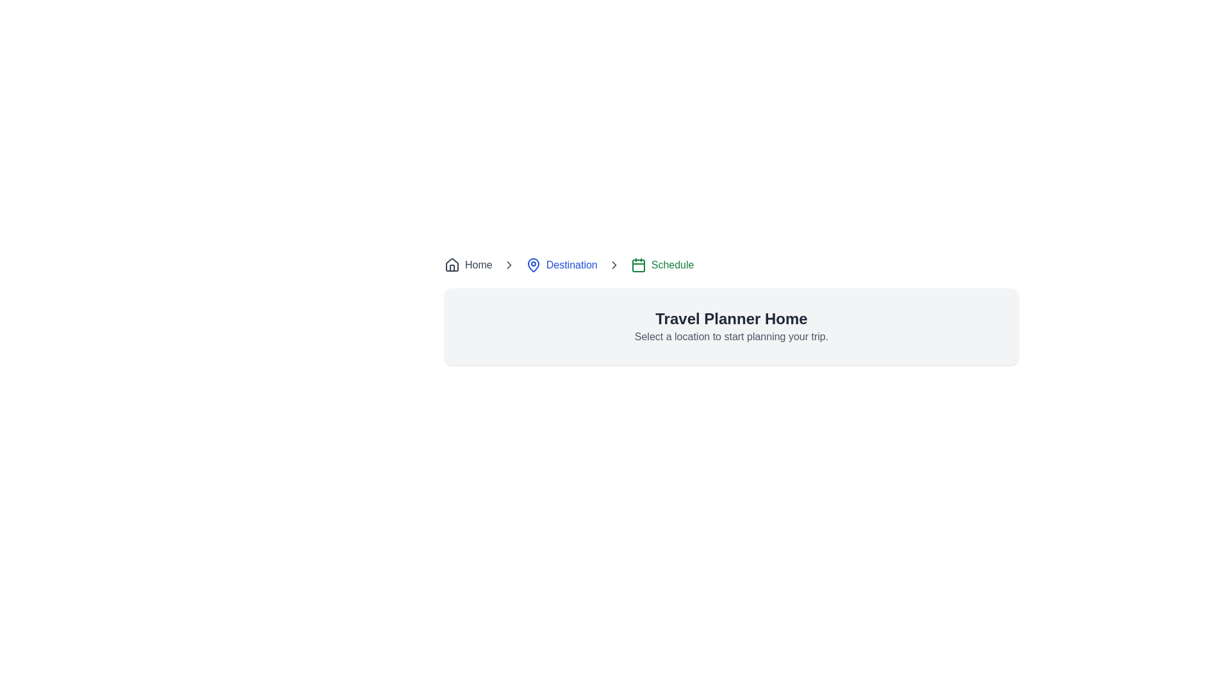 Image resolution: width=1230 pixels, height=692 pixels. Describe the element at coordinates (732, 336) in the screenshot. I see `the informational text guiding the user to select a location for trip planning, which is located beneath the title 'Travel Planner Home'` at that location.